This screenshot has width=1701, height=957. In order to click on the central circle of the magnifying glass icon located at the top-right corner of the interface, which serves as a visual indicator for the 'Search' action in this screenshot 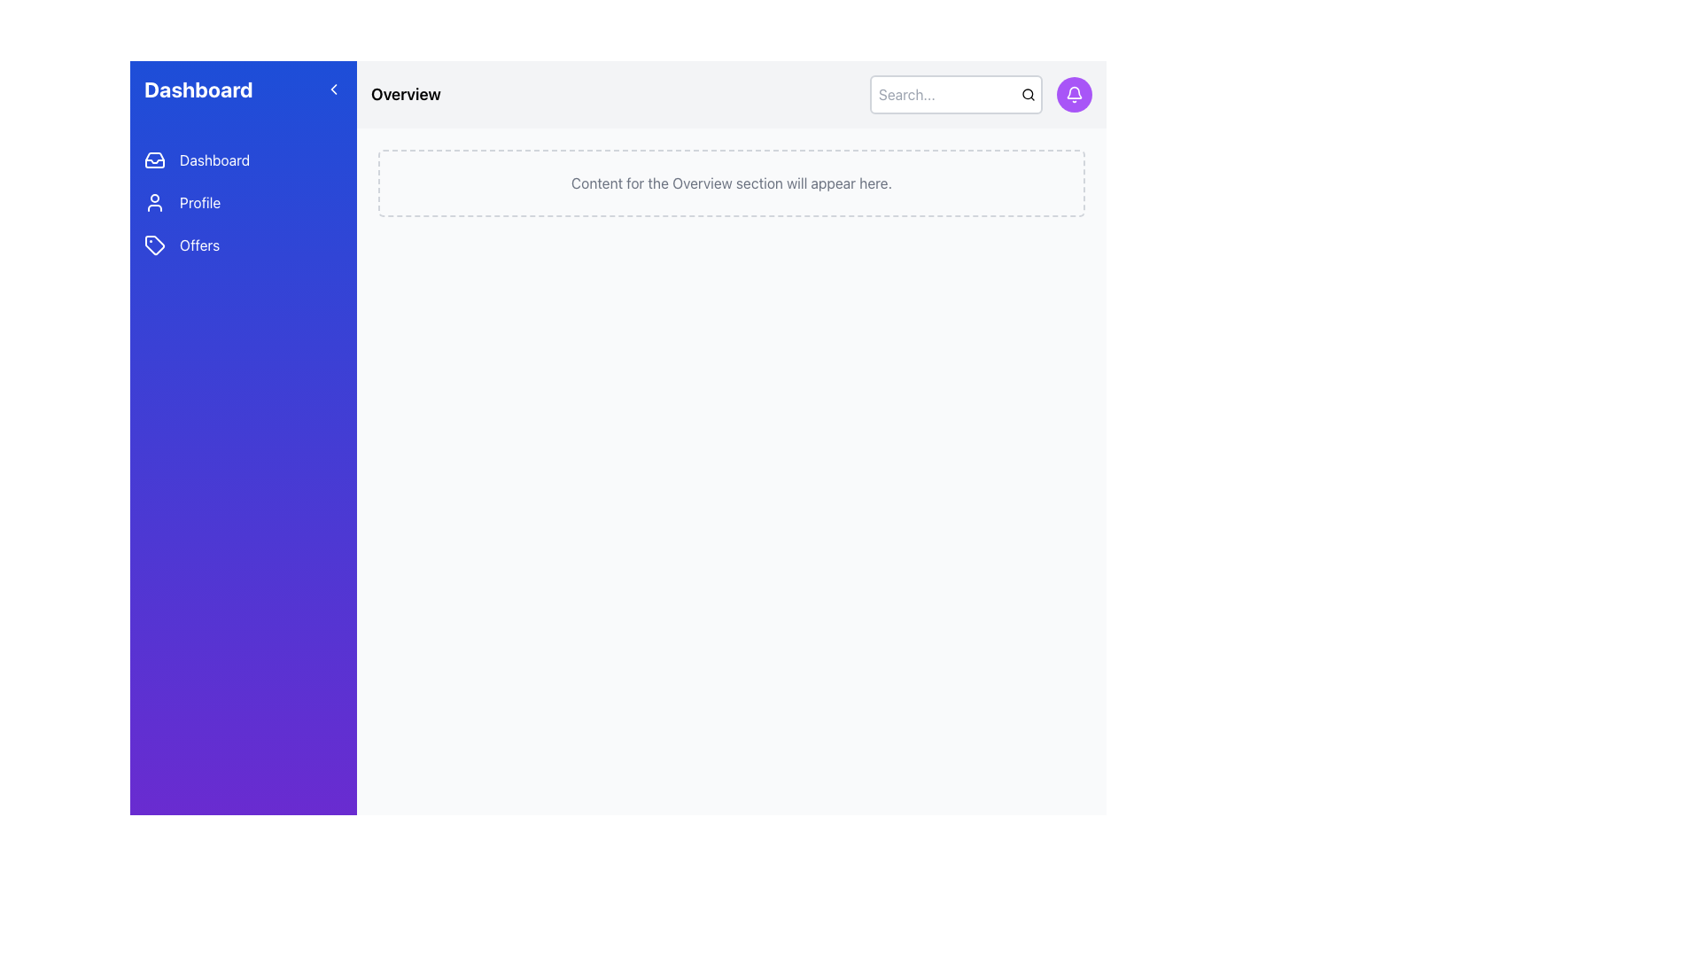, I will do `click(1028, 93)`.